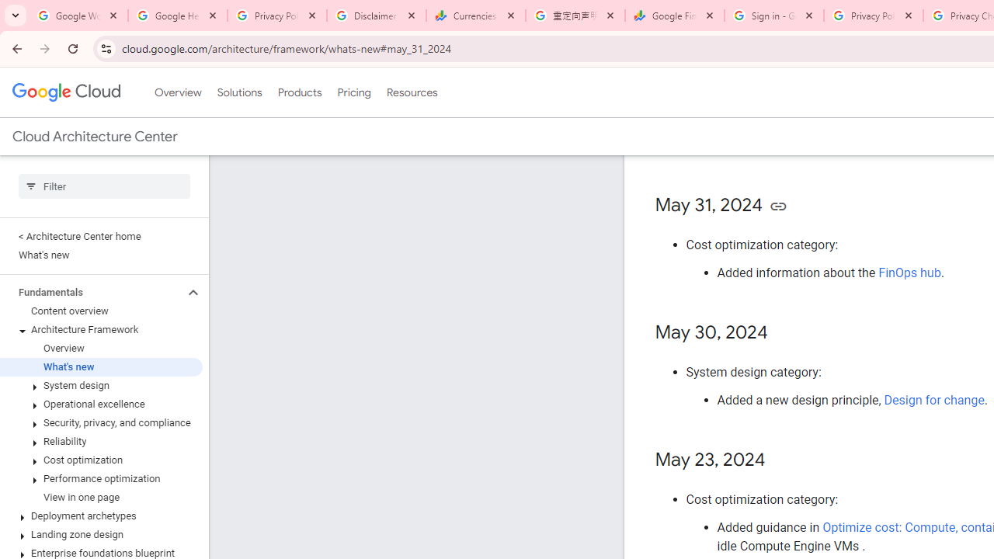  I want to click on 'Security, privacy, and compliance', so click(100, 423).